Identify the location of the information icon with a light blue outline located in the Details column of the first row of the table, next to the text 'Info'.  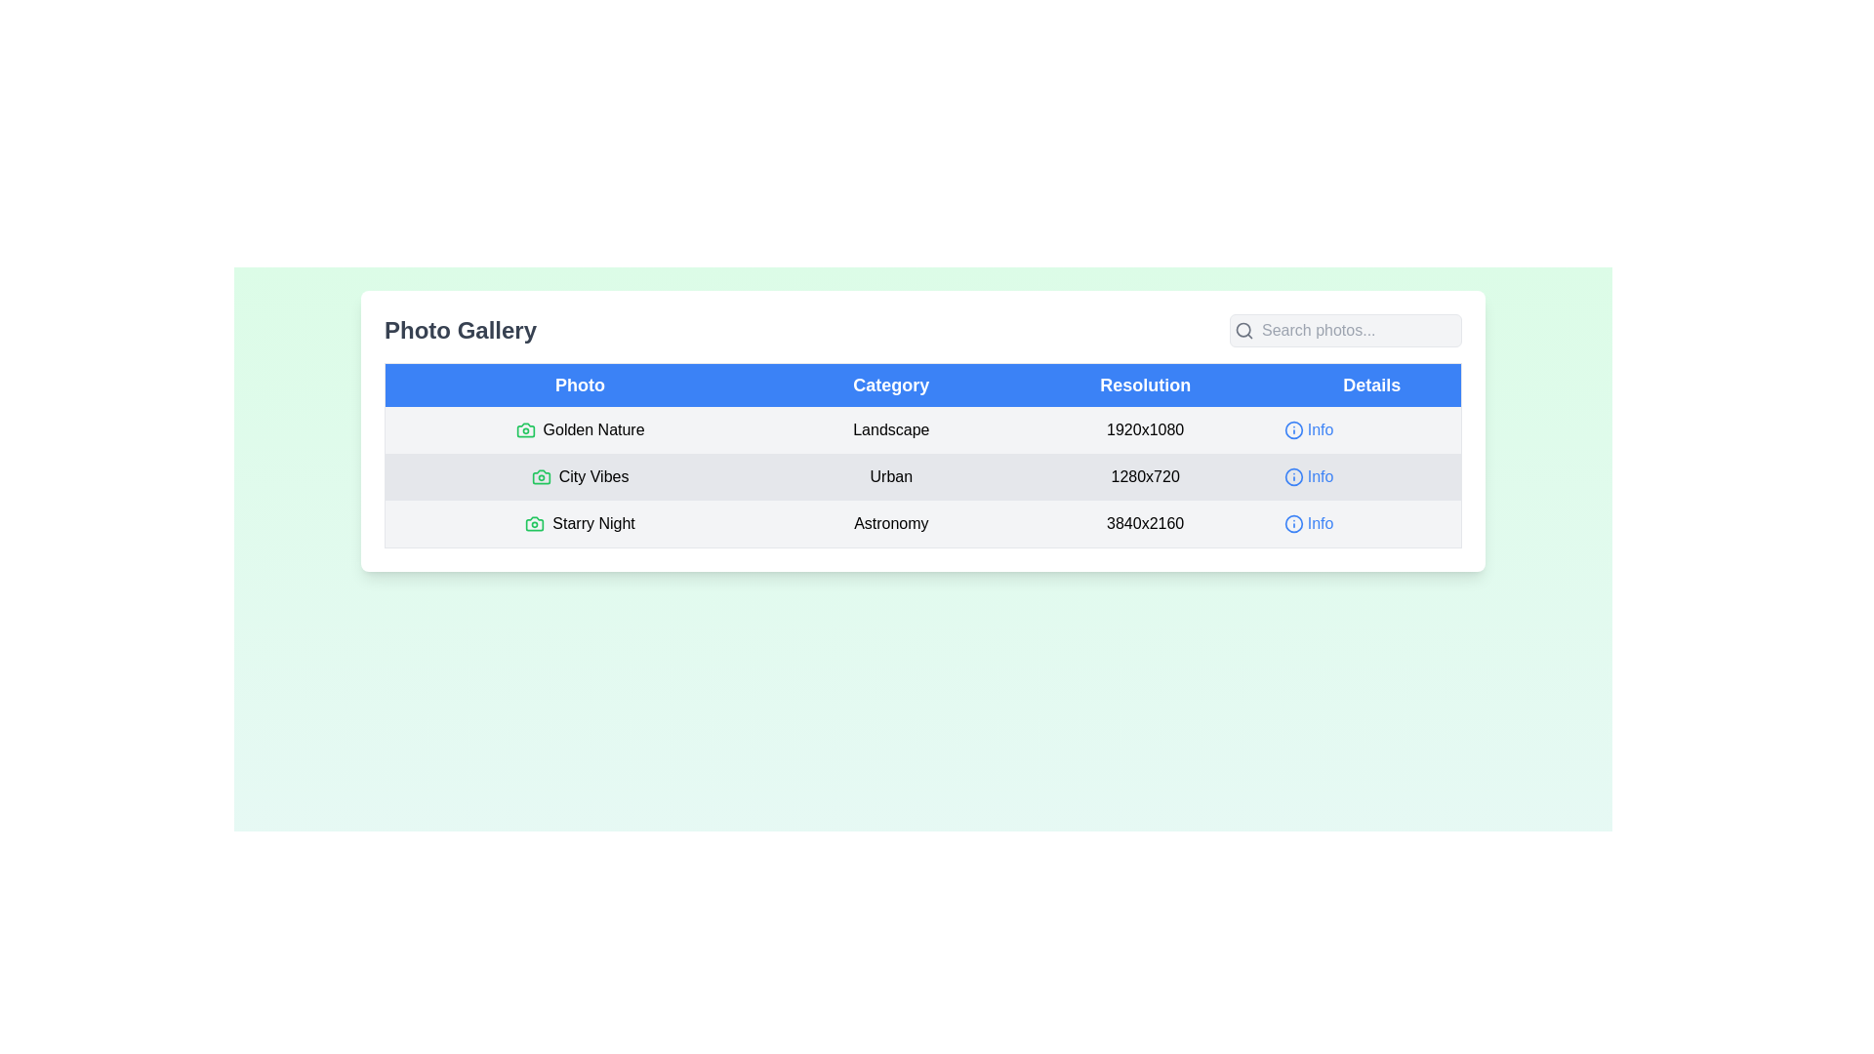
(1293, 428).